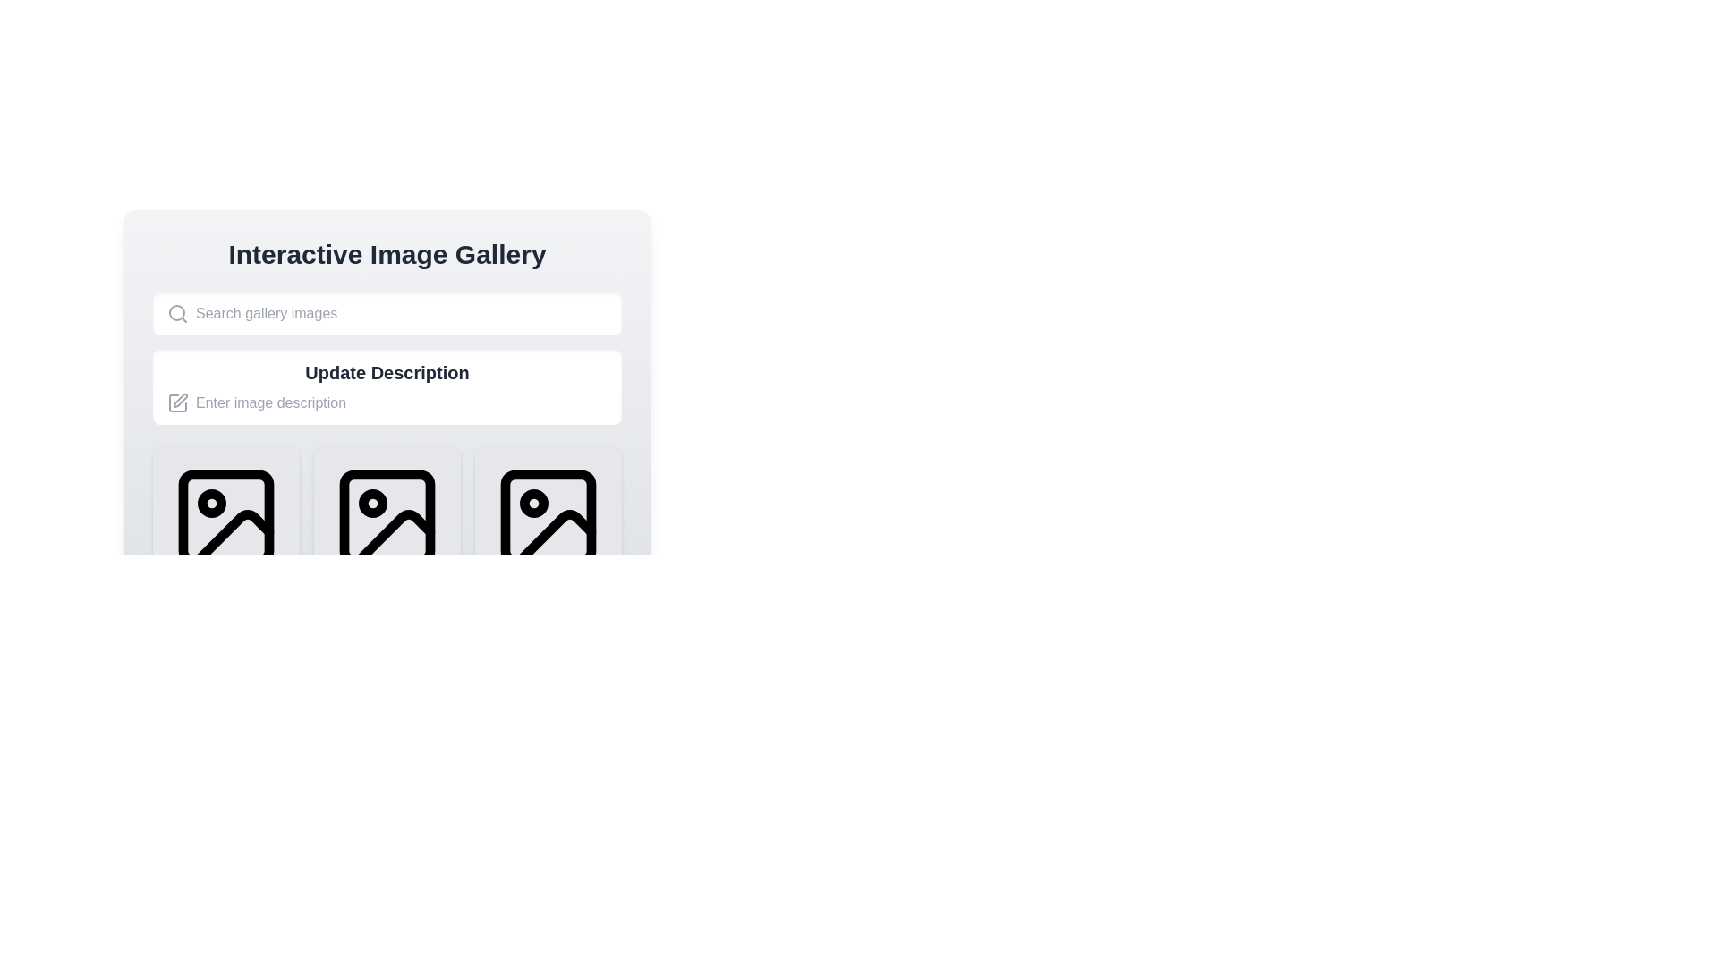 The image size is (1718, 966). I want to click on the decorative visual element resembling a diagonal line with rounded ends located in the bottom-left quadrant of the image icon, so click(232, 537).